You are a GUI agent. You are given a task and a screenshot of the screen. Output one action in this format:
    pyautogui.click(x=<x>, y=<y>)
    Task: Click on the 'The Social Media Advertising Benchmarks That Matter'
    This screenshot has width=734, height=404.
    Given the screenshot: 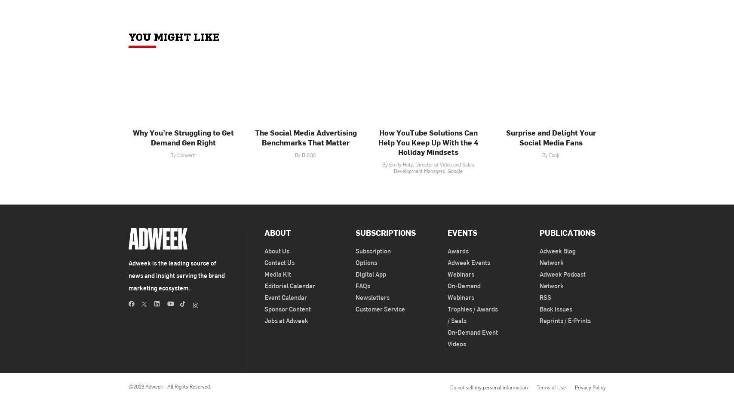 What is the action you would take?
    pyautogui.click(x=305, y=137)
    